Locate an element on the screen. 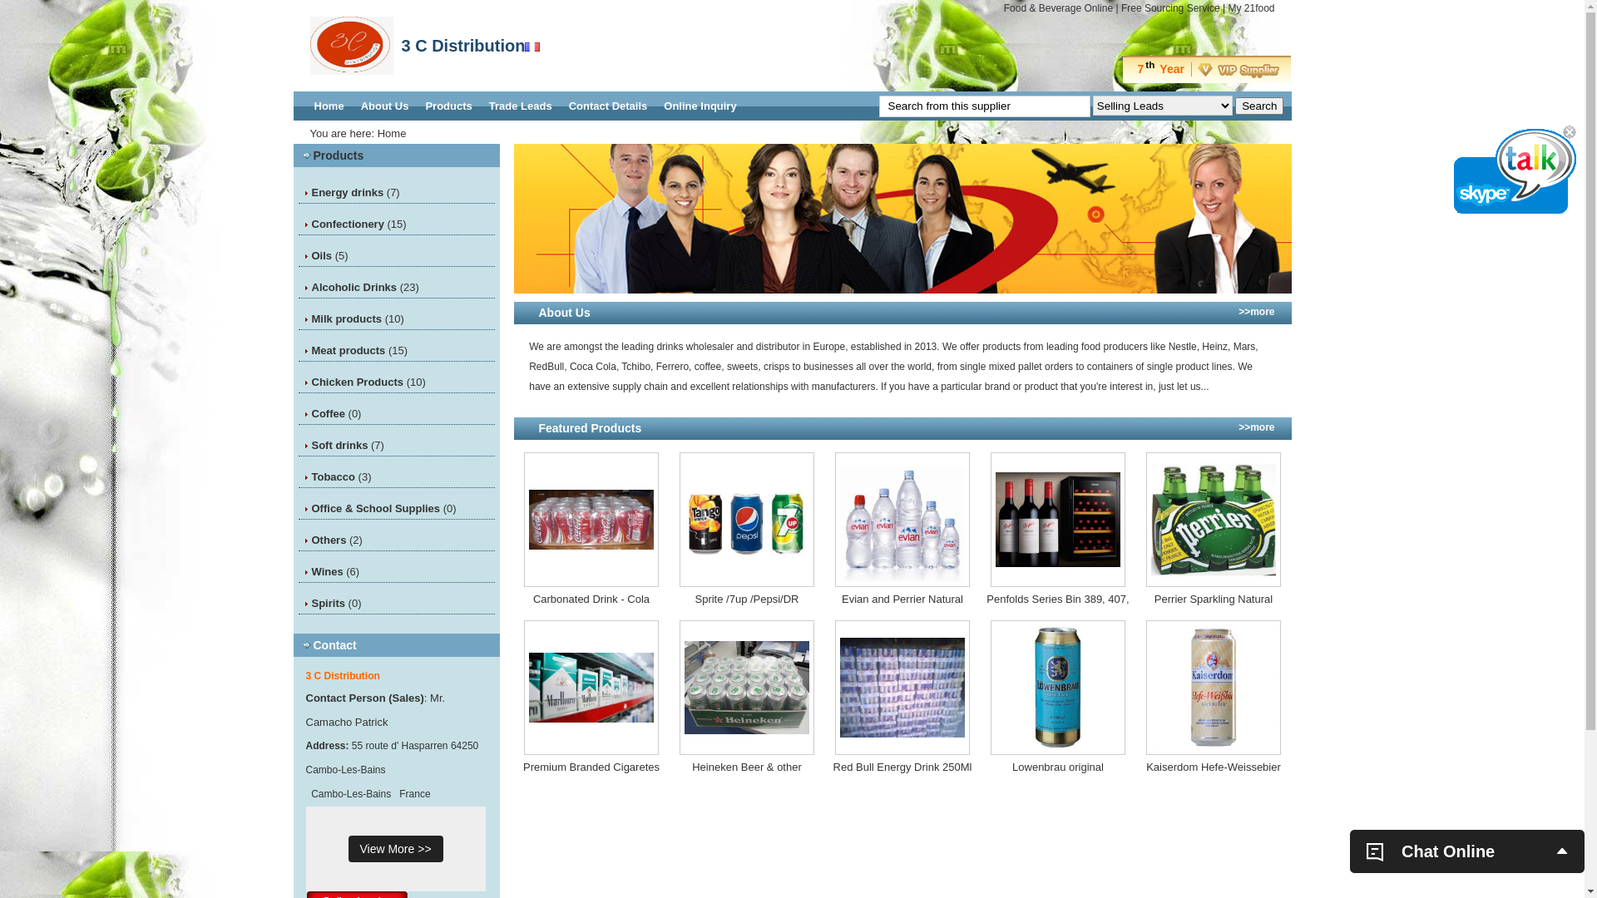  'Search' is located at coordinates (1258, 105).